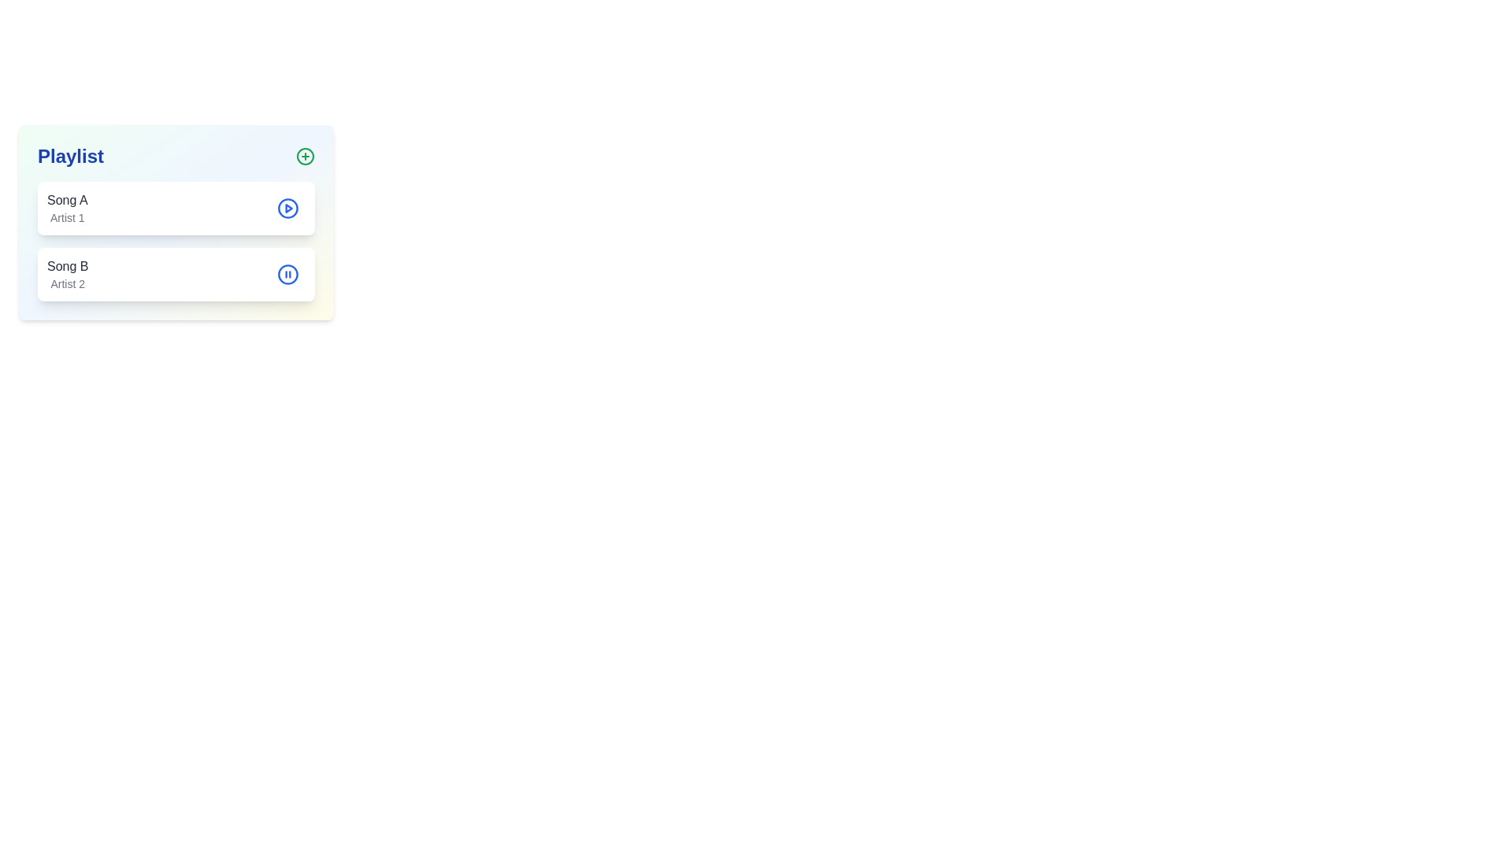  What do you see at coordinates (287, 206) in the screenshot?
I see `the blue outlined circular play icon associated with the first item in the playlist (Song A, Artist 1)` at bounding box center [287, 206].